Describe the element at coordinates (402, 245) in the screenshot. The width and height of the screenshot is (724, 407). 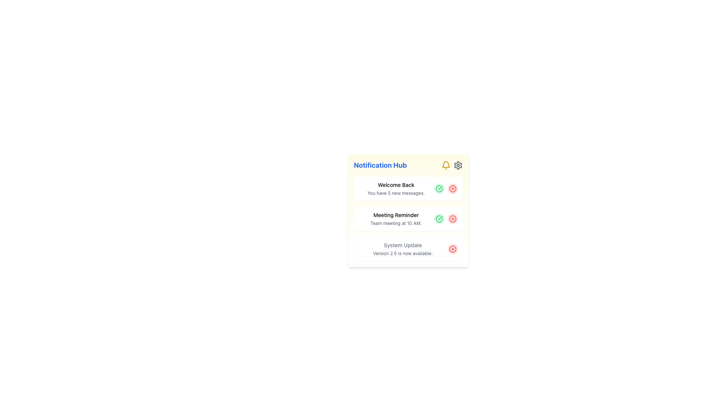
I see `the text label located at the top of the notification card, which serves as a heading for the associated content` at that location.